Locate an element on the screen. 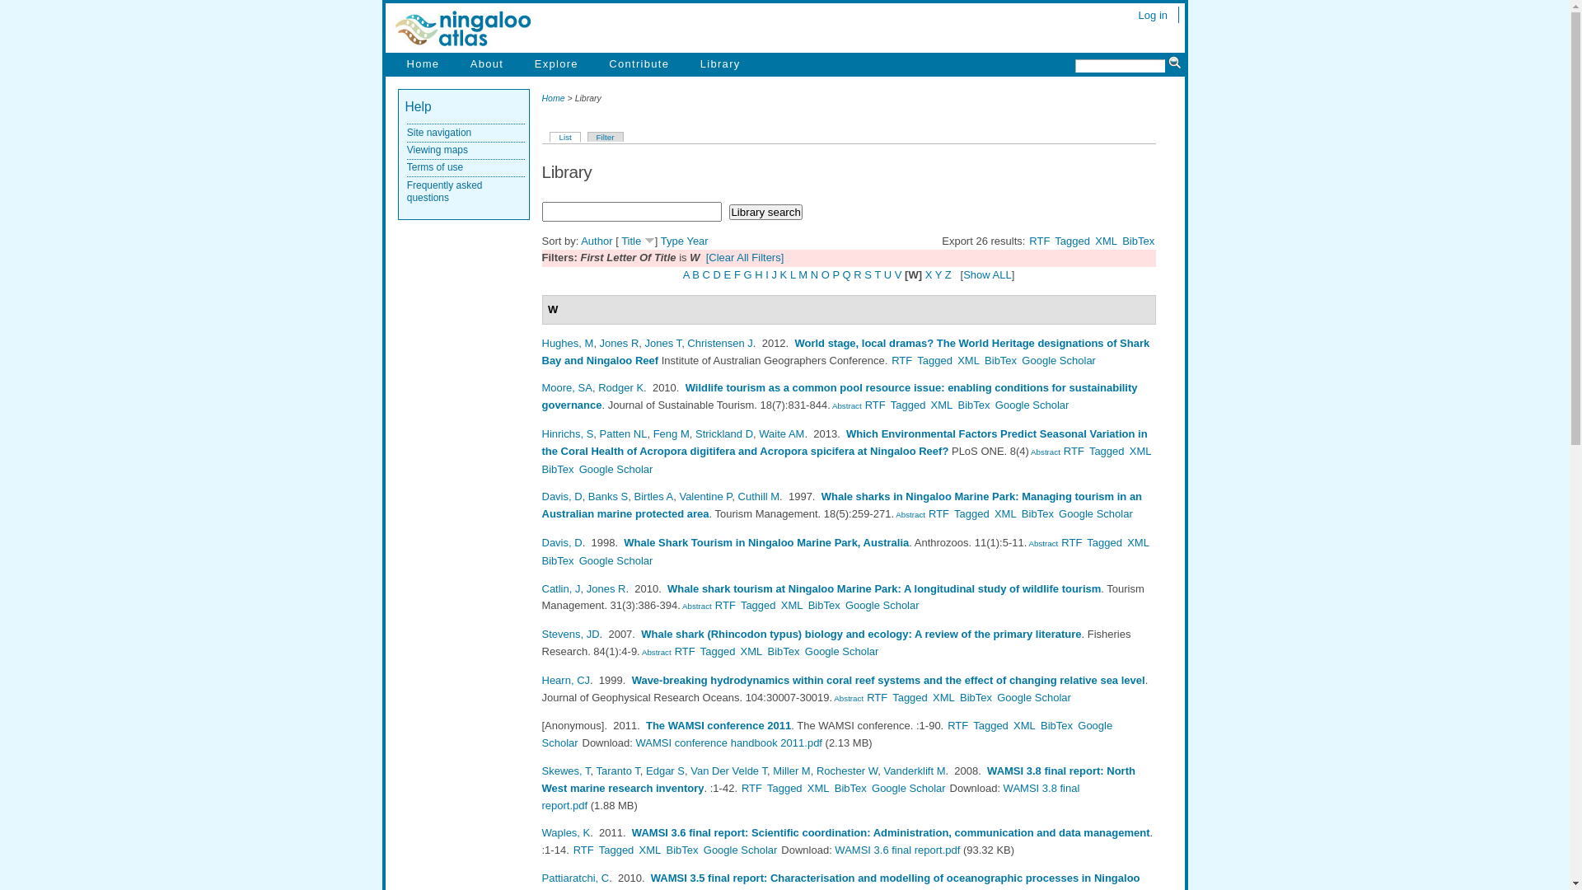  'Feng M' is located at coordinates (672, 433).